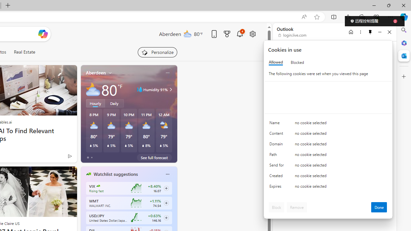 The width and height of the screenshot is (411, 231). Describe the element at coordinates (170, 90) in the screenshot. I see `'Humidity 91%'` at that location.